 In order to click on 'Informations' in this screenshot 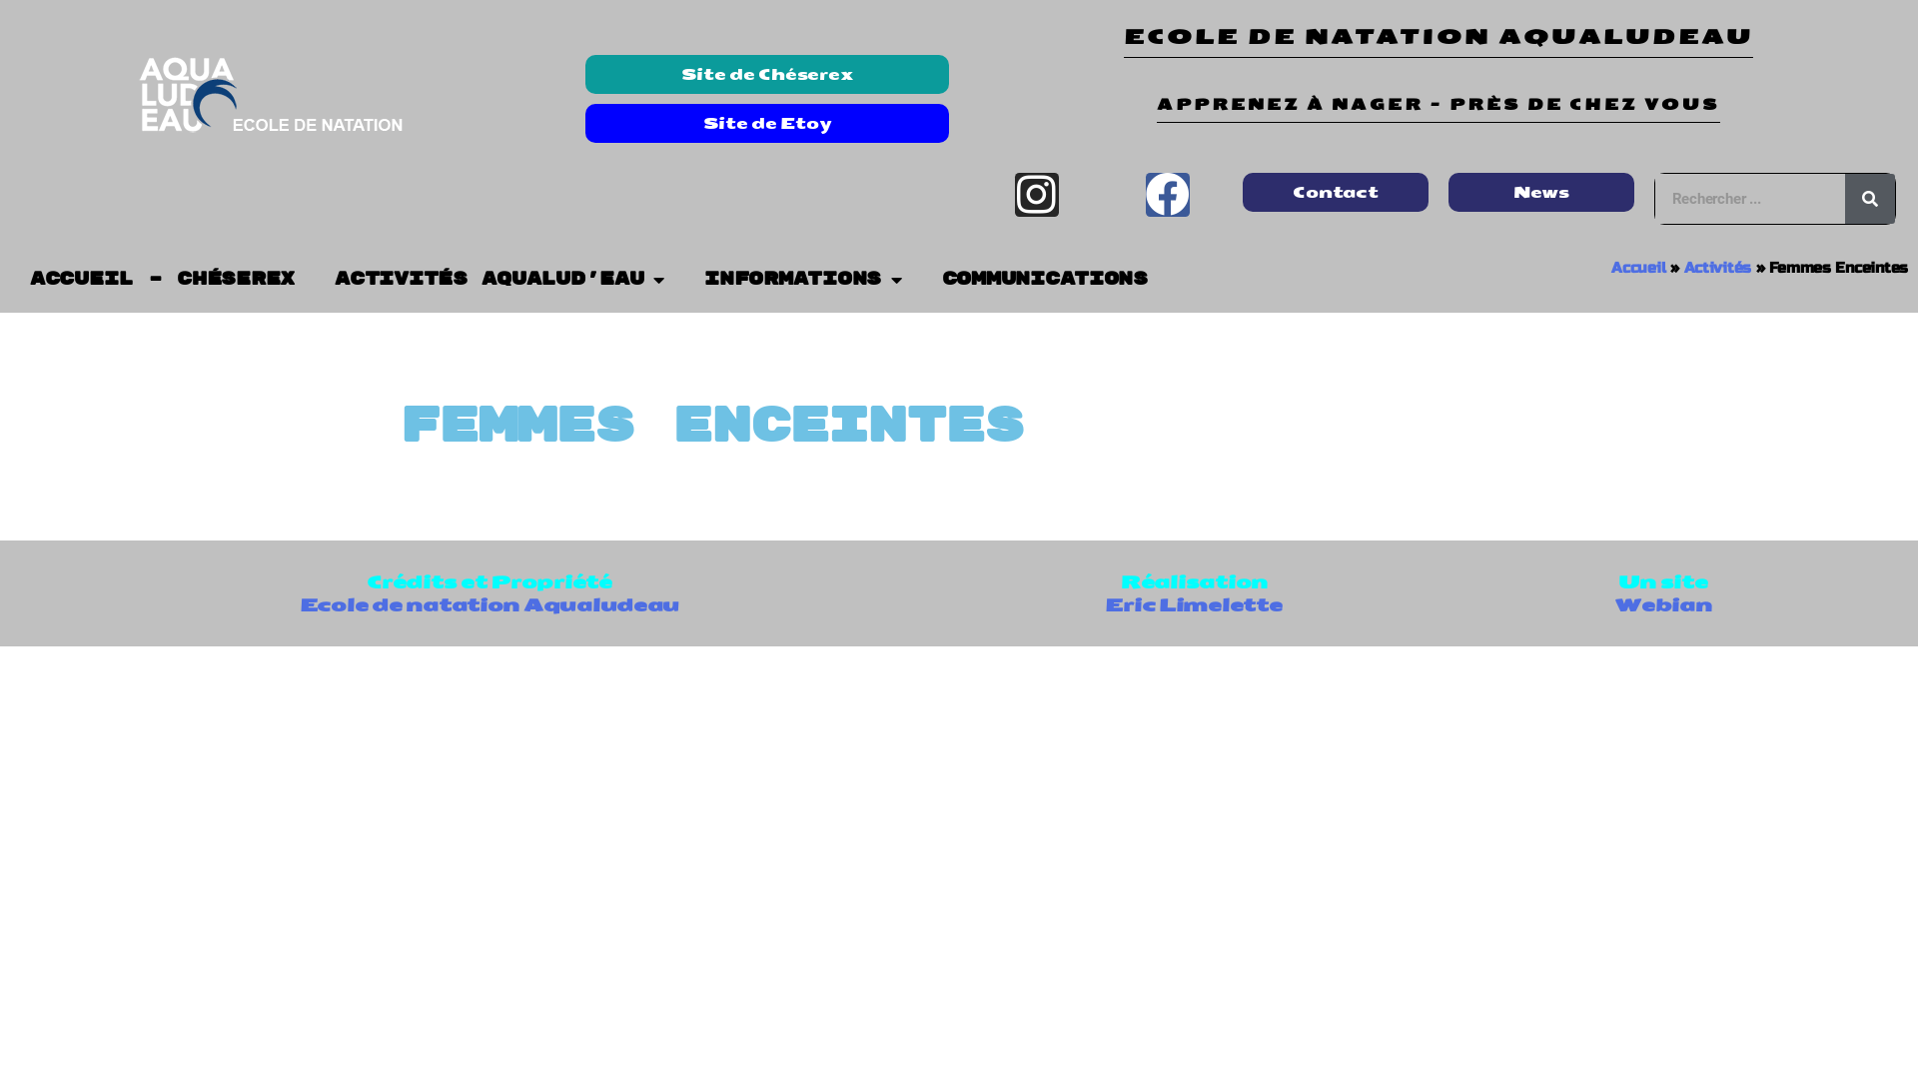, I will do `click(802, 280)`.